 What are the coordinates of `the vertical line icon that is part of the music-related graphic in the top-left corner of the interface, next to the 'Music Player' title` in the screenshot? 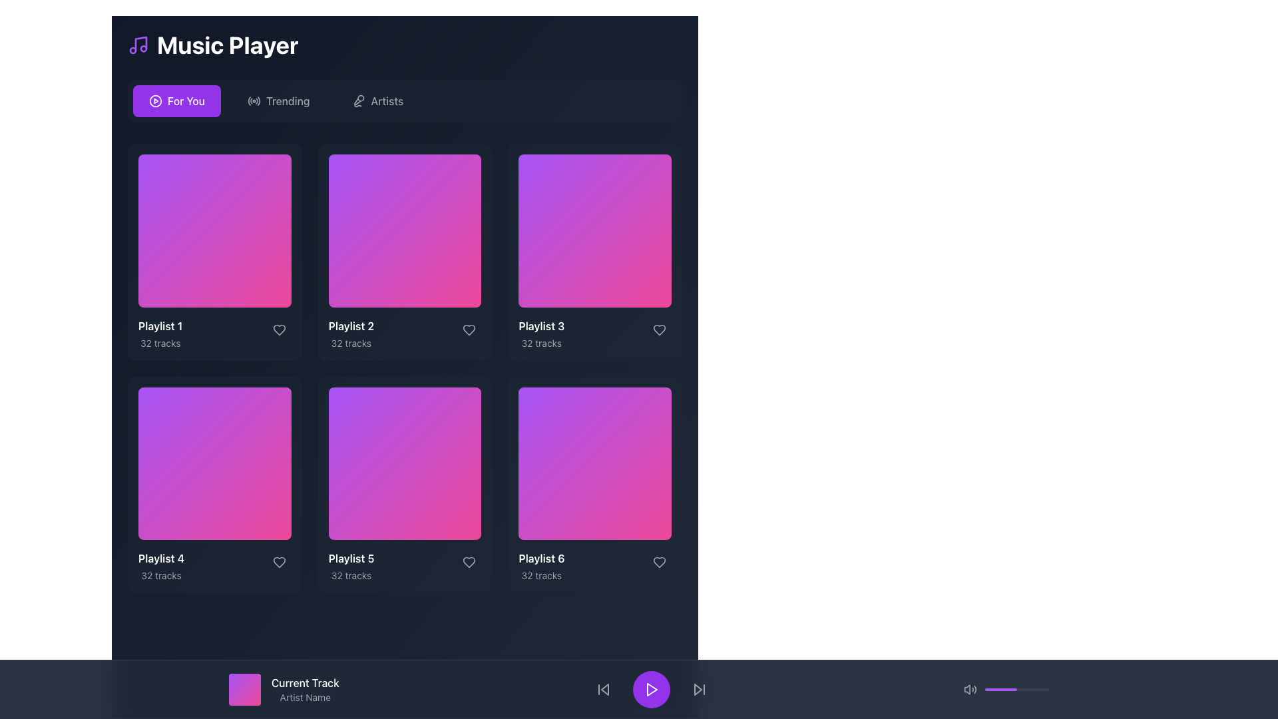 It's located at (140, 43).